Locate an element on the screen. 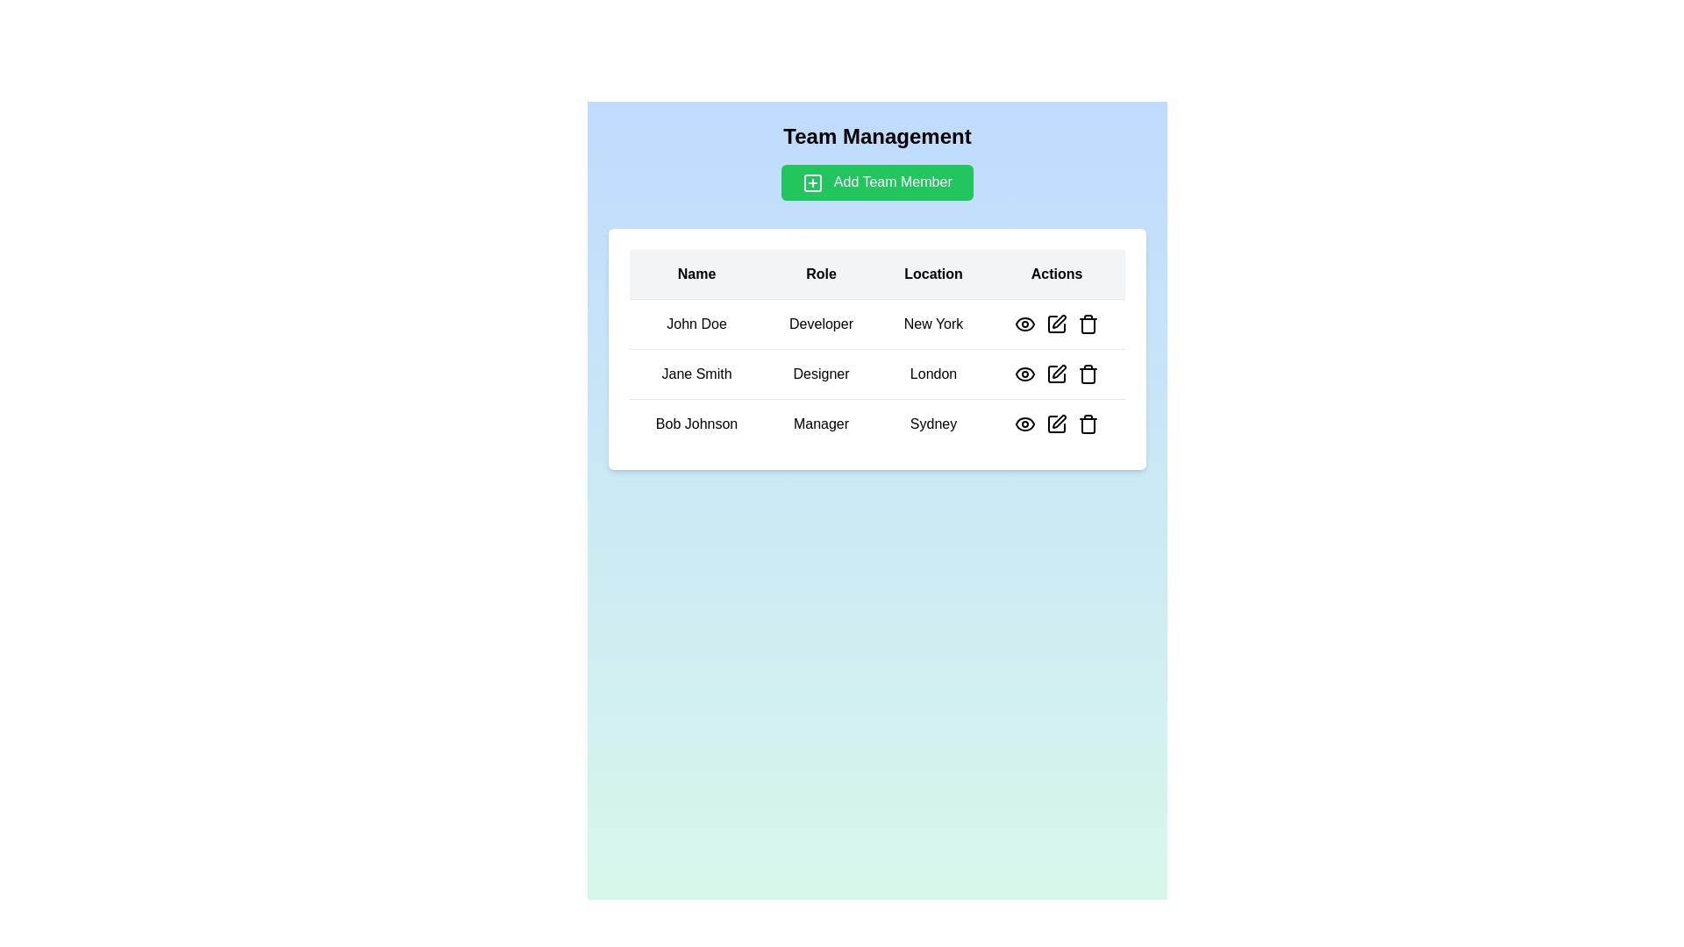 This screenshot has height=947, width=1684. the eye icon in the Actions column of the last row associated with Bob Johnson, Manager, Sydney is located at coordinates (1055, 424).